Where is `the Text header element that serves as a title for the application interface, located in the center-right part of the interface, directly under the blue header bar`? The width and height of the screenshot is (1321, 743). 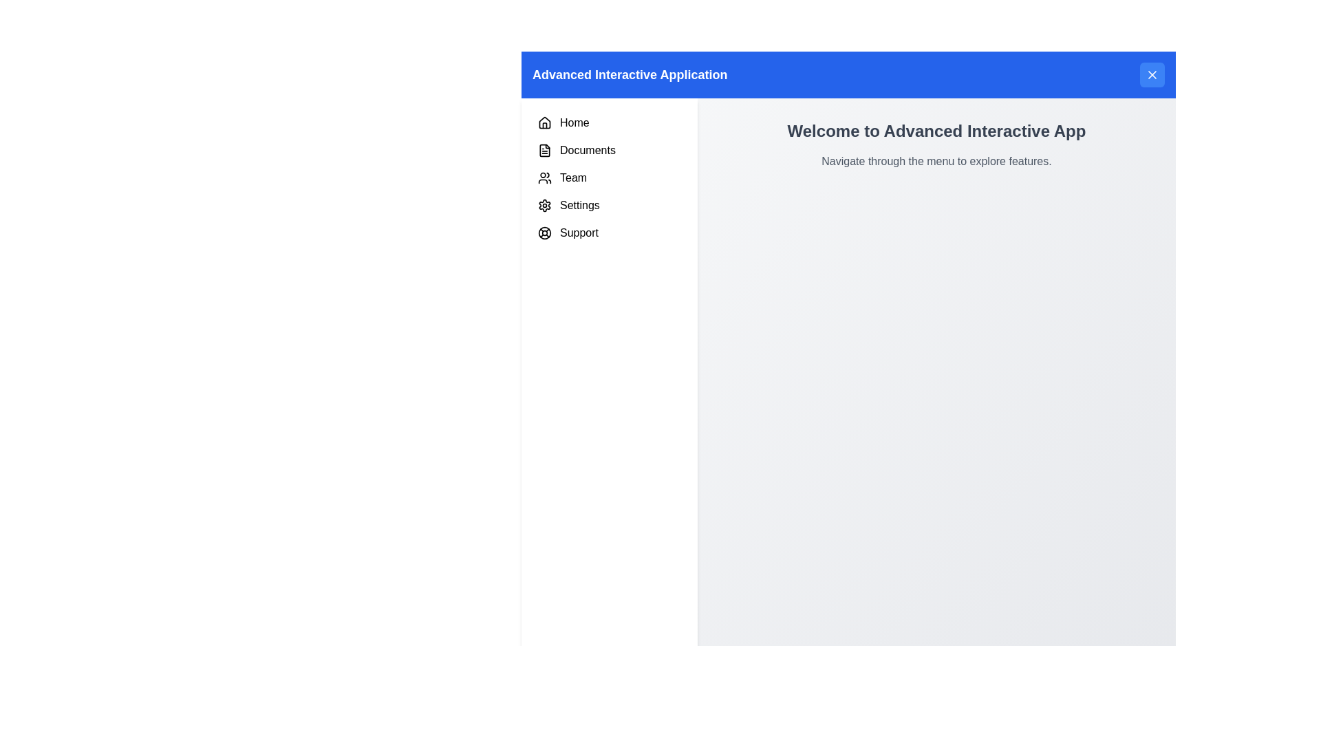 the Text header element that serves as a title for the application interface, located in the center-right part of the interface, directly under the blue header bar is located at coordinates (936, 131).